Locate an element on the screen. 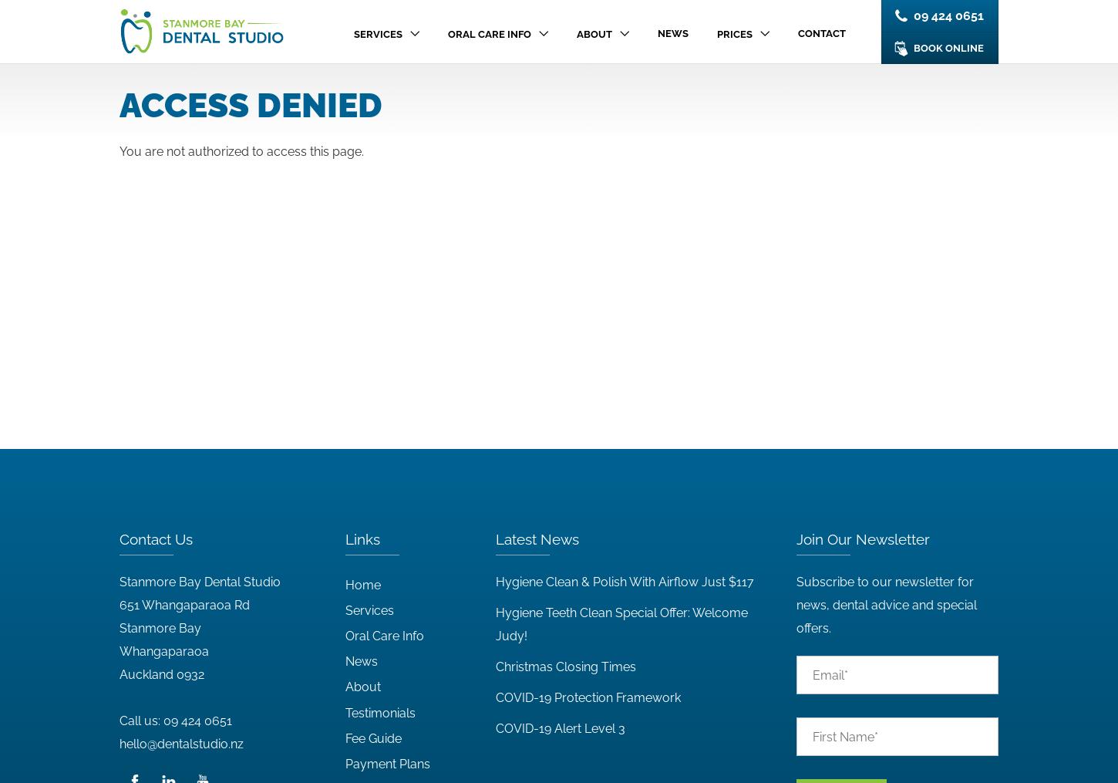 This screenshot has width=1118, height=783. 'Contact Us' is located at coordinates (155, 538).